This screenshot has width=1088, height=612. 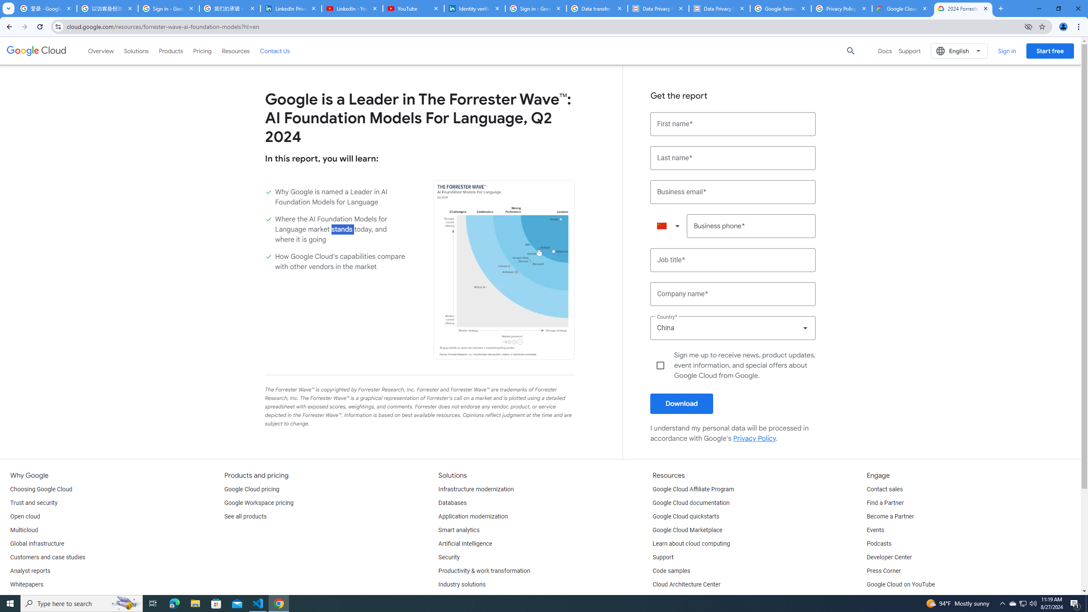 What do you see at coordinates (908, 598) in the screenshot?
I see `'Google Cloud Tech on YouTube'` at bounding box center [908, 598].